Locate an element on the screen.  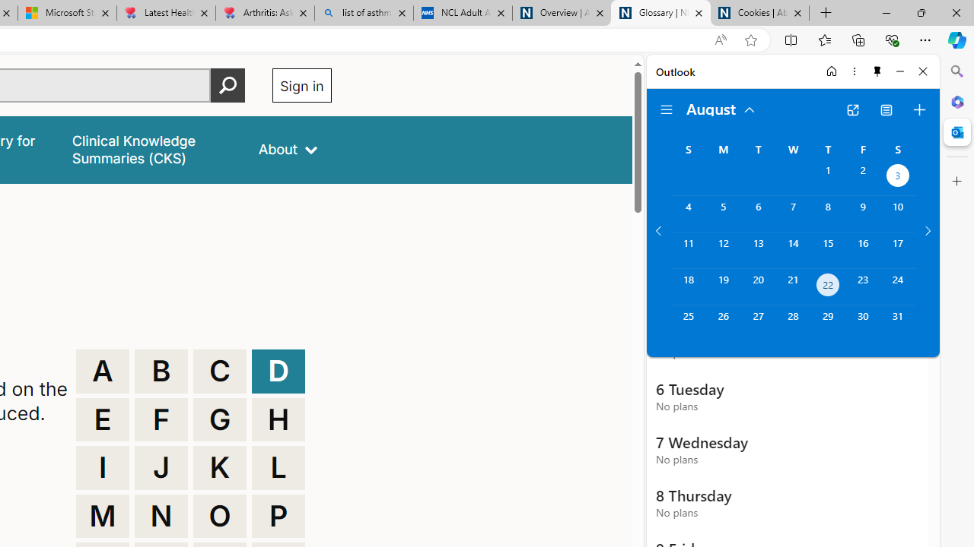
'August' is located at coordinates (721, 107).